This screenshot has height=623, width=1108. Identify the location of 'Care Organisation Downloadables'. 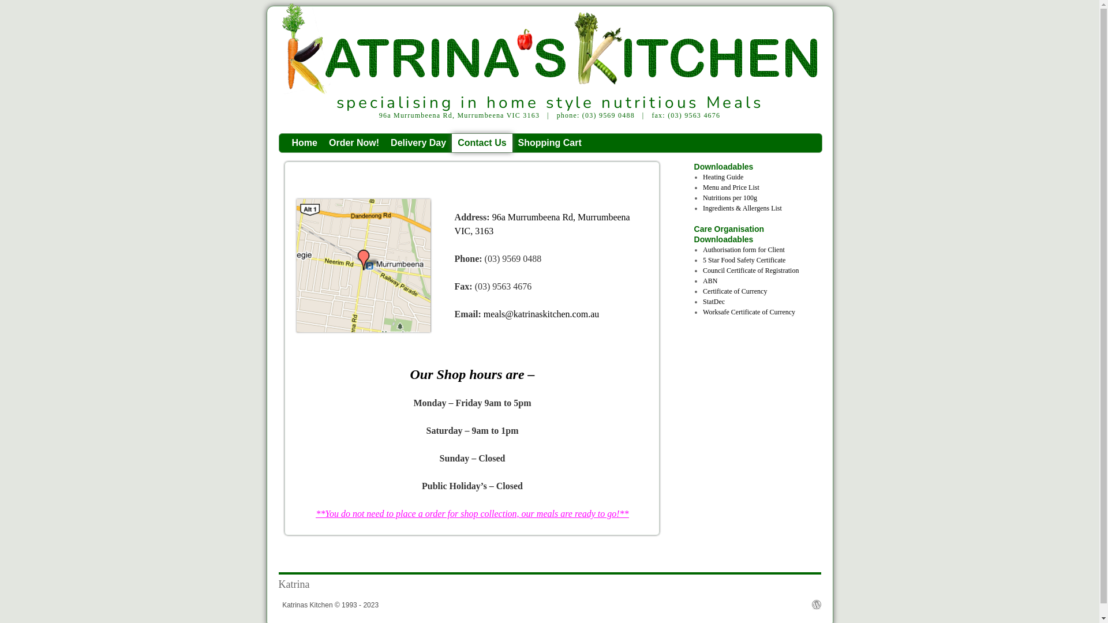
(751, 234).